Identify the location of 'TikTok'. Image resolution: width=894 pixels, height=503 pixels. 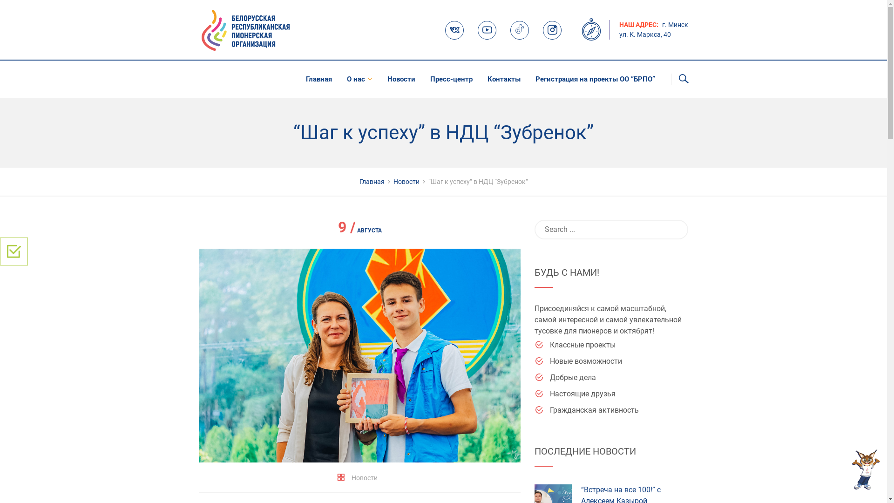
(519, 30).